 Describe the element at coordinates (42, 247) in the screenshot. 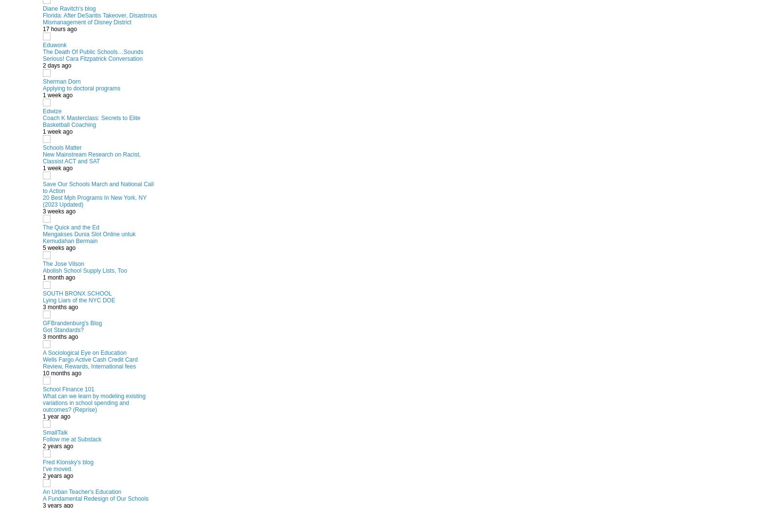

I see `'5 weeks ago'` at that location.